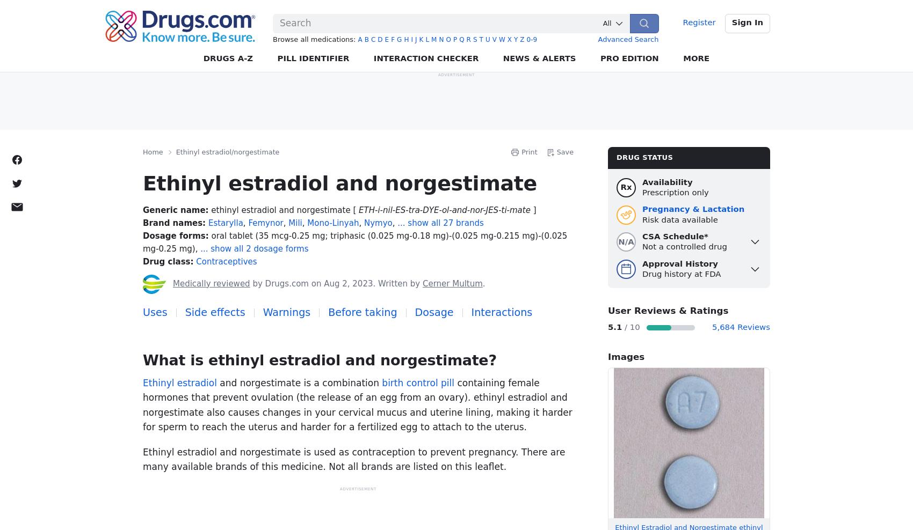  What do you see at coordinates (501, 40) in the screenshot?
I see `'w'` at bounding box center [501, 40].